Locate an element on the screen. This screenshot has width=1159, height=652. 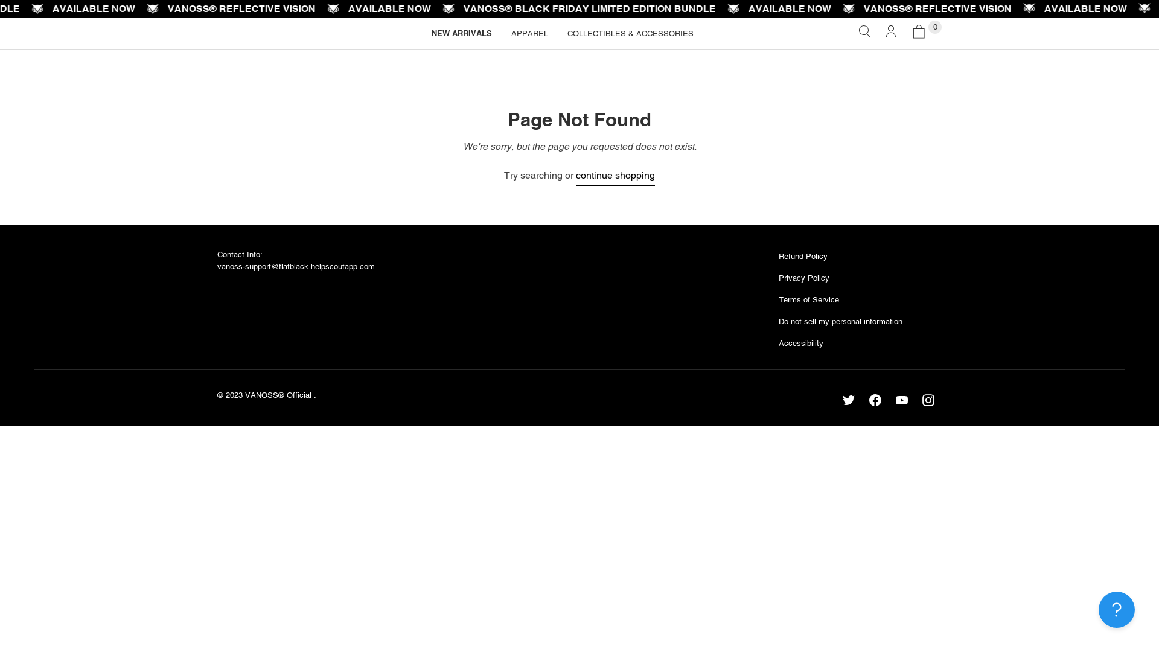
'continue shopping' is located at coordinates (615, 177).